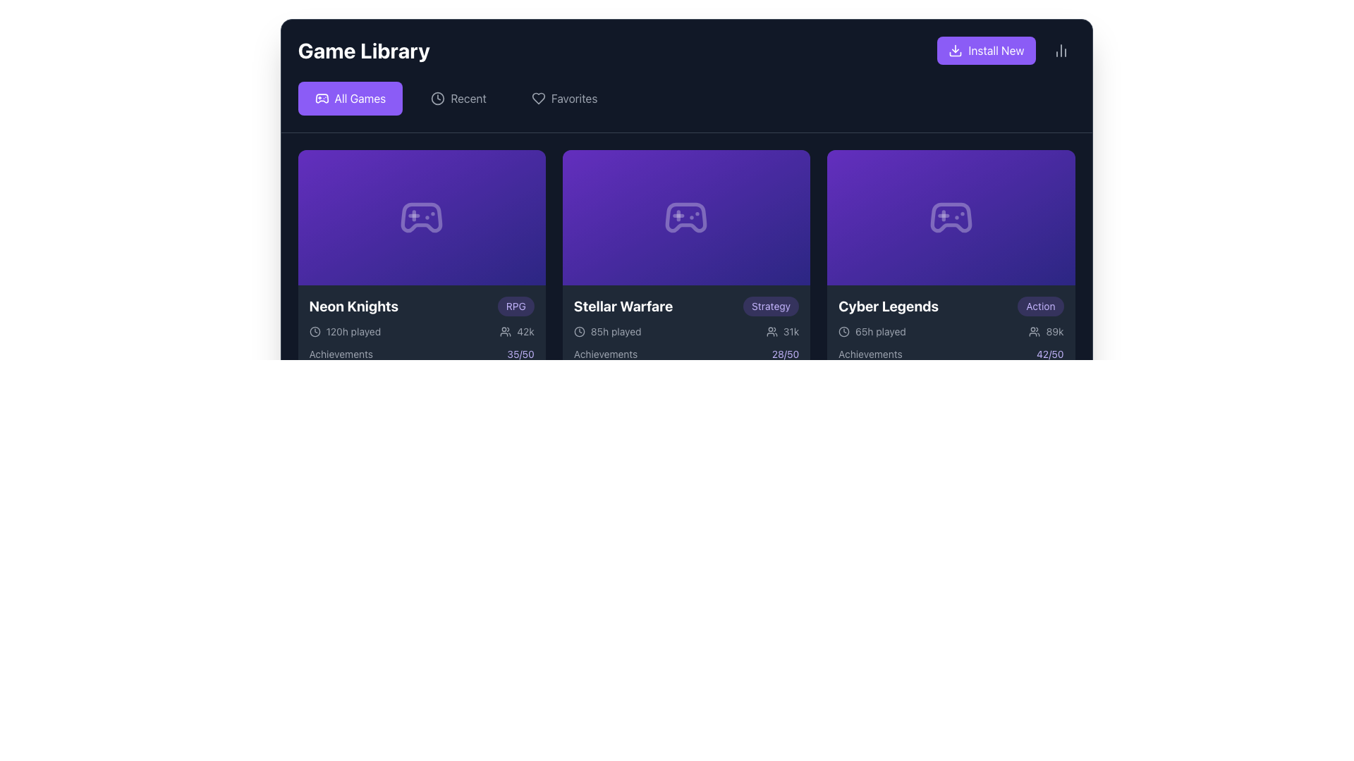 This screenshot has height=761, width=1354. I want to click on the title text label for the game 'Stellar Warfare', so click(622, 306).